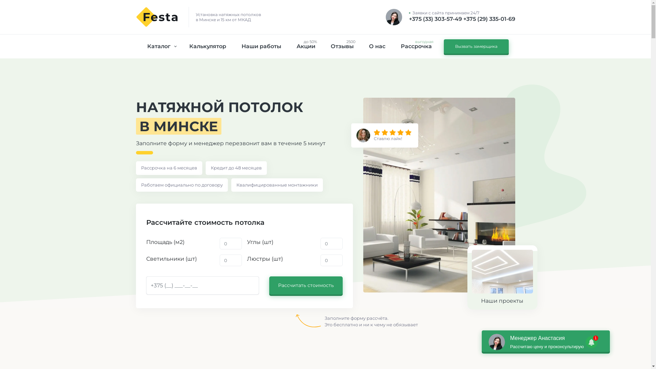 The width and height of the screenshot is (656, 369). I want to click on '+375 (33) 303-57-49', so click(435, 18).